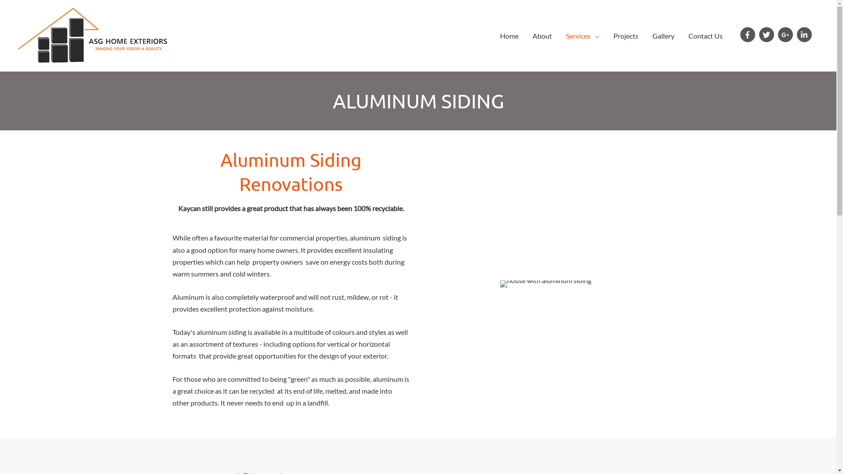  I want to click on 'Home', so click(509, 35).